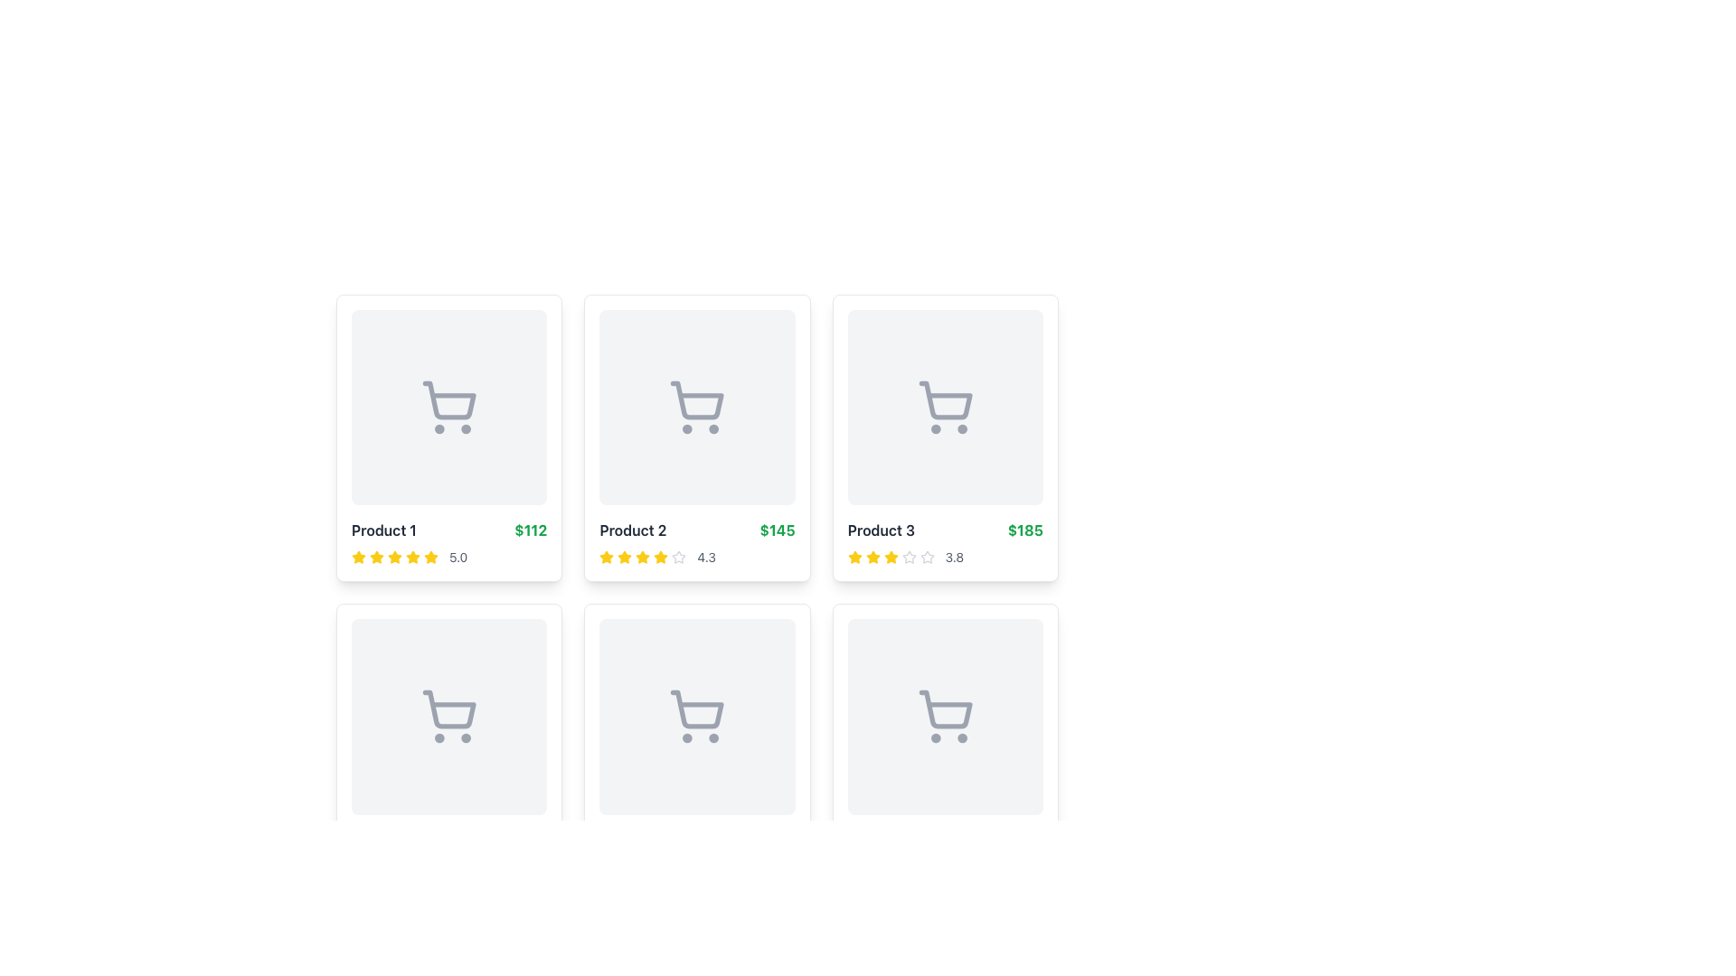 This screenshot has height=976, width=1736. What do you see at coordinates (449, 716) in the screenshot?
I see `the image placeholder with a shopping cart icon located in the second row and first column of the product card grid for 'Product 4' priced at '$196' and rated '4.5 stars.'` at bounding box center [449, 716].